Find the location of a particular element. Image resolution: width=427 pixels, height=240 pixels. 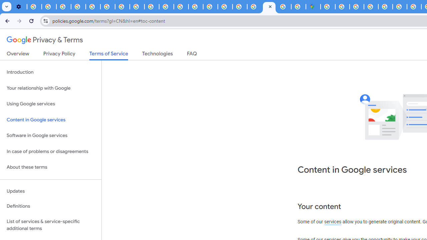

'Software in Google services' is located at coordinates (50, 135).